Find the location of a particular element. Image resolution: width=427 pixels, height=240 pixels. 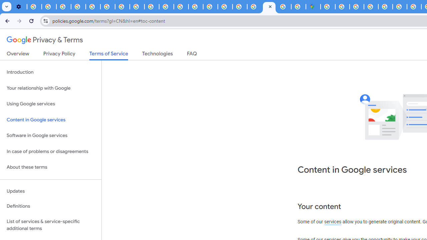

'Software in Google services' is located at coordinates (50, 135).